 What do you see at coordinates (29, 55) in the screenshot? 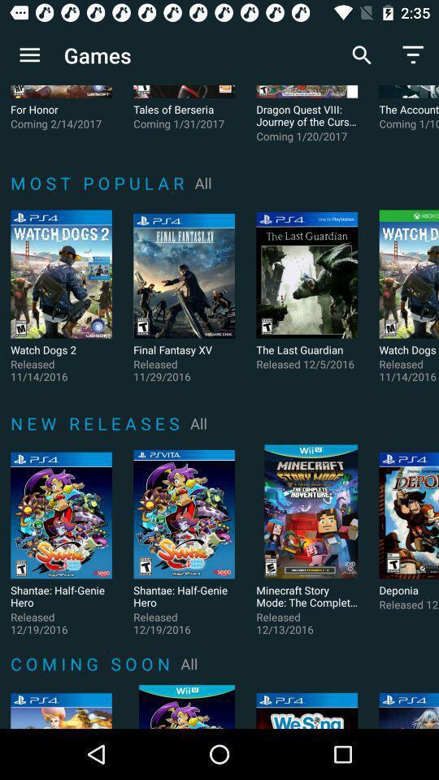
I see `app to the left of games icon` at bounding box center [29, 55].